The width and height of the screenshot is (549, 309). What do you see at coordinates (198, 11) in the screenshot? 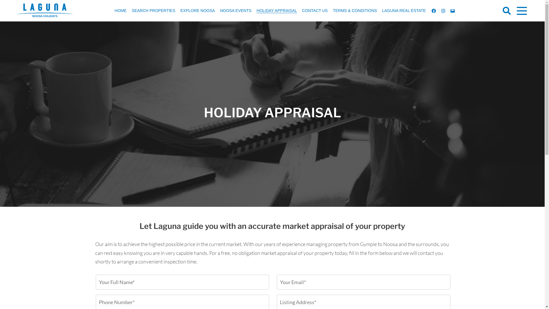
I see `'EXPLORE NOOSA'` at bounding box center [198, 11].